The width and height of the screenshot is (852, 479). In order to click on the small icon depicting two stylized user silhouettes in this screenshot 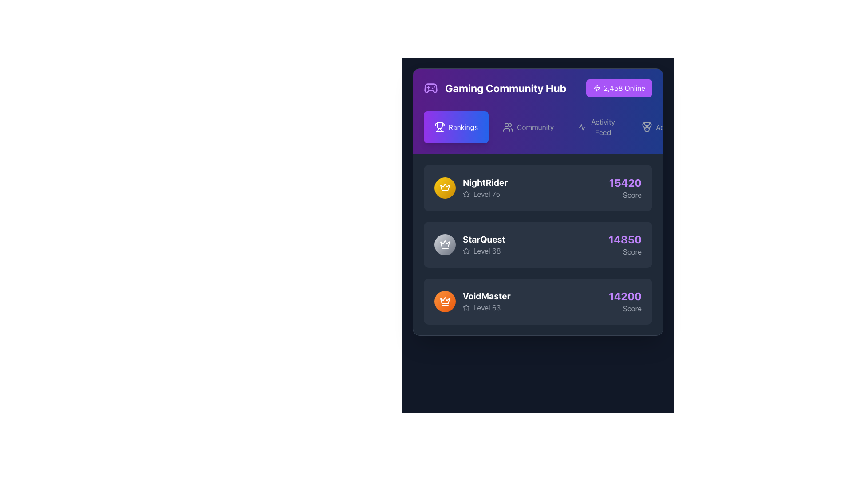, I will do `click(508, 127)`.